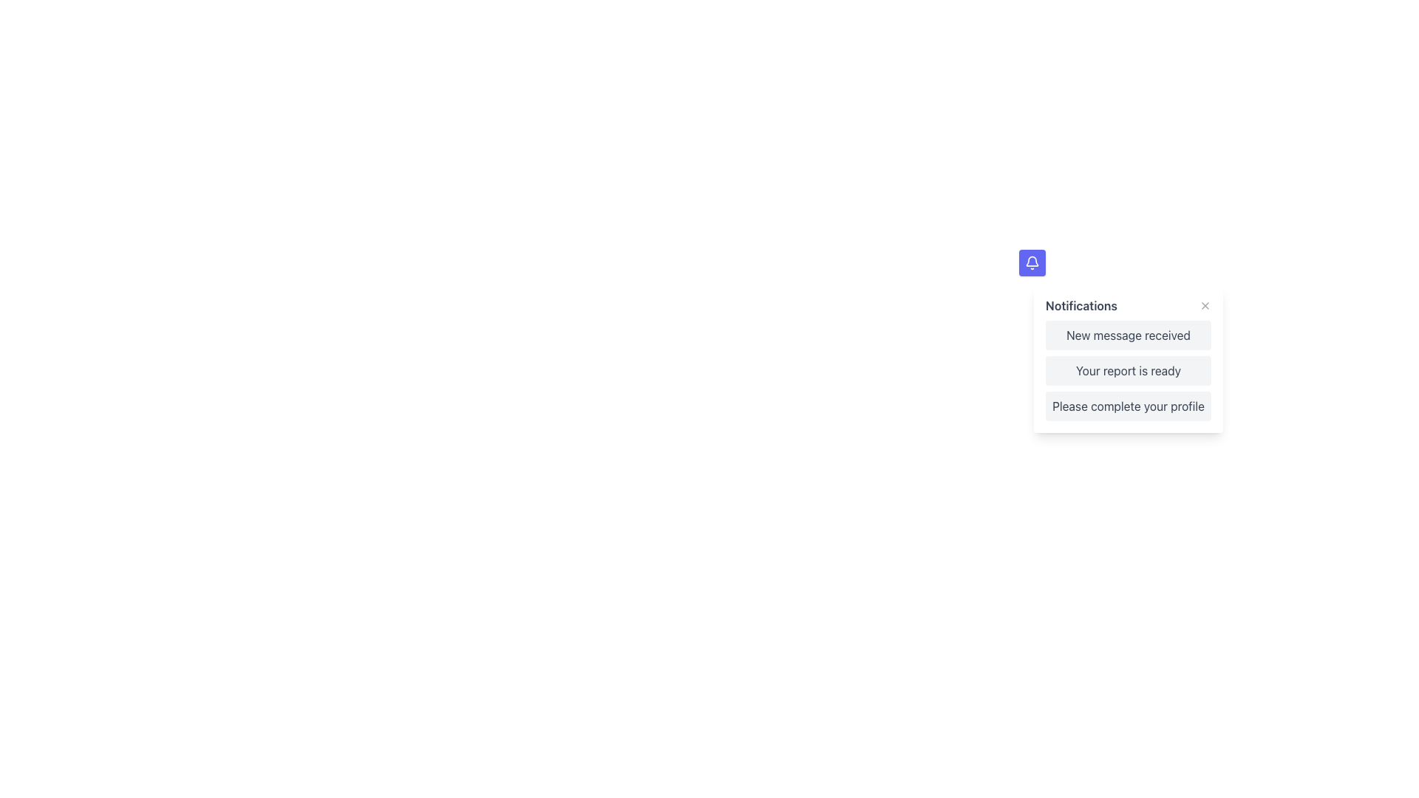 The height and width of the screenshot is (798, 1419). Describe the element at coordinates (1081, 304) in the screenshot. I see `the Text Label that serves as the title for the notification panel, positioned within the notification popup and aligned to the left` at that location.